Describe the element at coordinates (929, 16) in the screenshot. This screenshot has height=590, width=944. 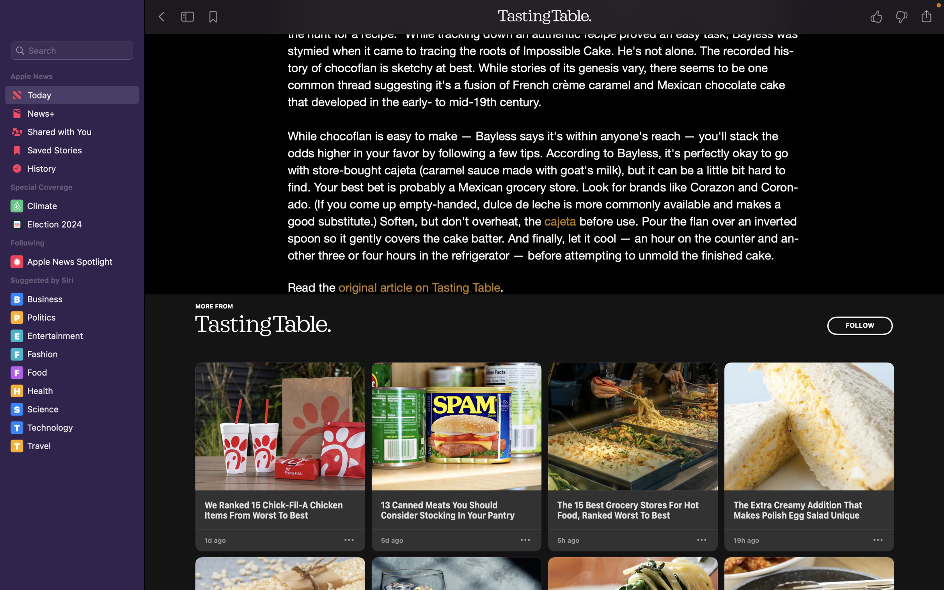
I see `Dispatch the narrative to the Notes program` at that location.